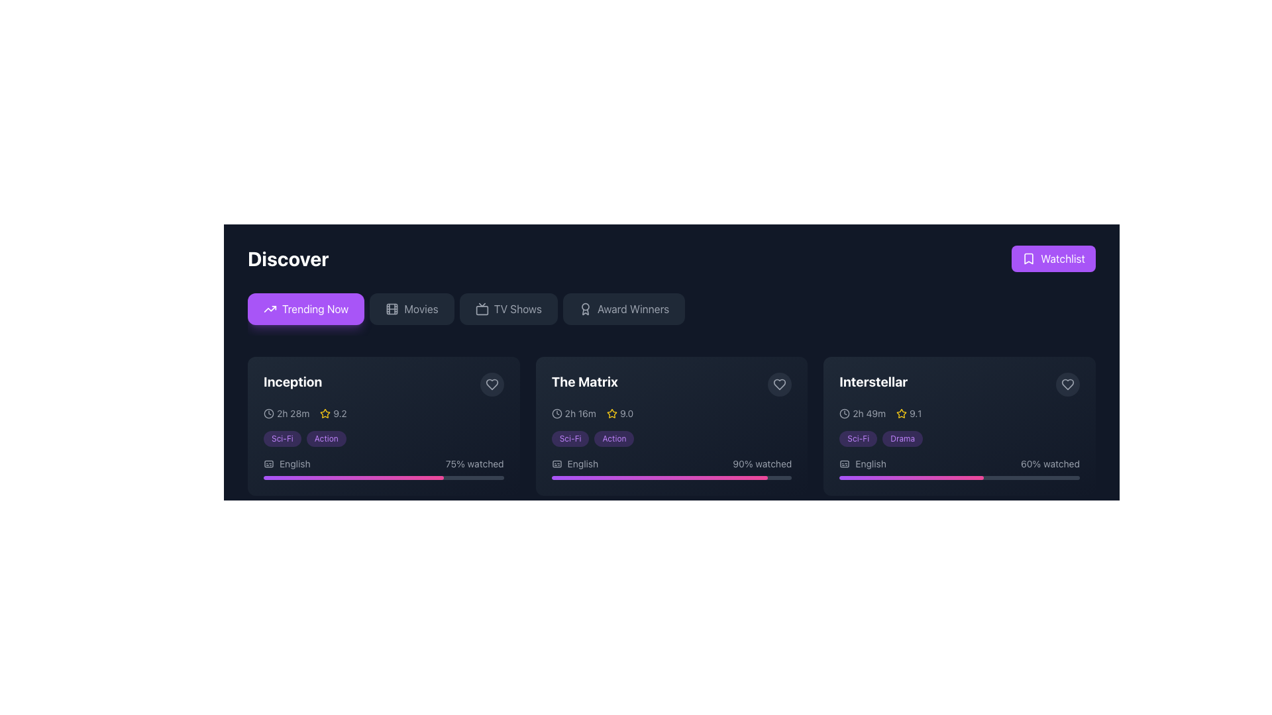 Image resolution: width=1272 pixels, height=715 pixels. What do you see at coordinates (481, 310) in the screenshot?
I see `the lower, central rectangular Icon component that is part of the TV-like graphic symbol, located to the right of the 'Discover' header and aligned with the 'TV Shows' label` at bounding box center [481, 310].